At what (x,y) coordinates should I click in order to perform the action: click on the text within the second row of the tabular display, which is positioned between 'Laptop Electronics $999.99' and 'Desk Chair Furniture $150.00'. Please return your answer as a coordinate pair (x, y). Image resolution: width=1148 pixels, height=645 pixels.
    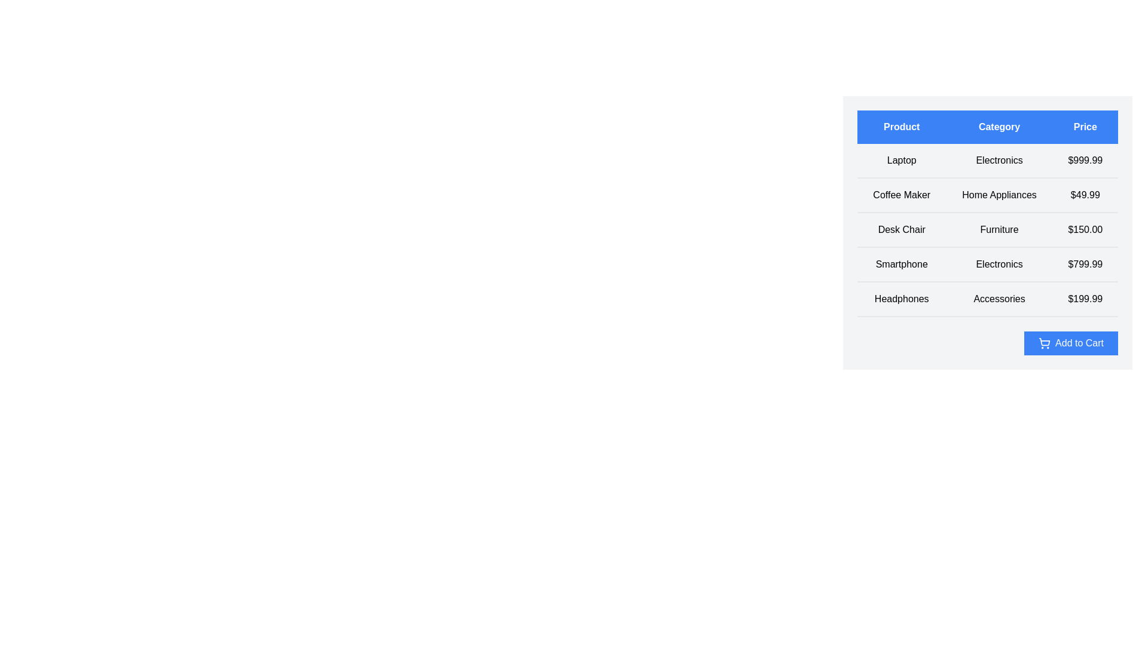
    Looking at the image, I should click on (987, 195).